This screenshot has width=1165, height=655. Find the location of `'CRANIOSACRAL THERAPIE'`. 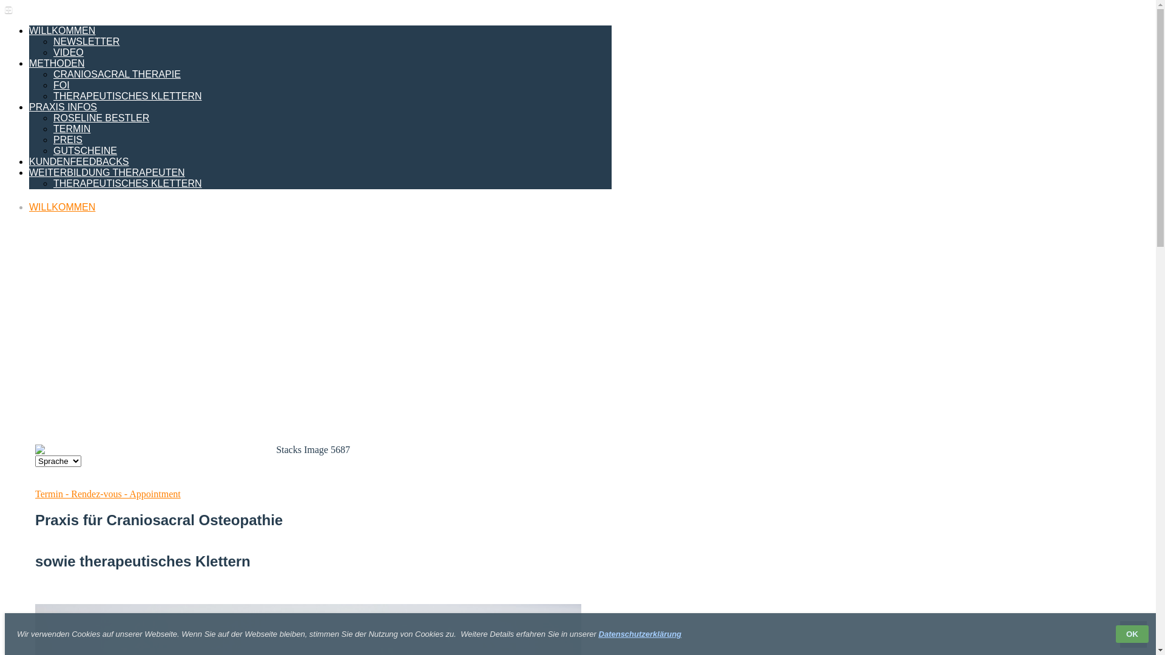

'CRANIOSACRAL THERAPIE' is located at coordinates (116, 74).